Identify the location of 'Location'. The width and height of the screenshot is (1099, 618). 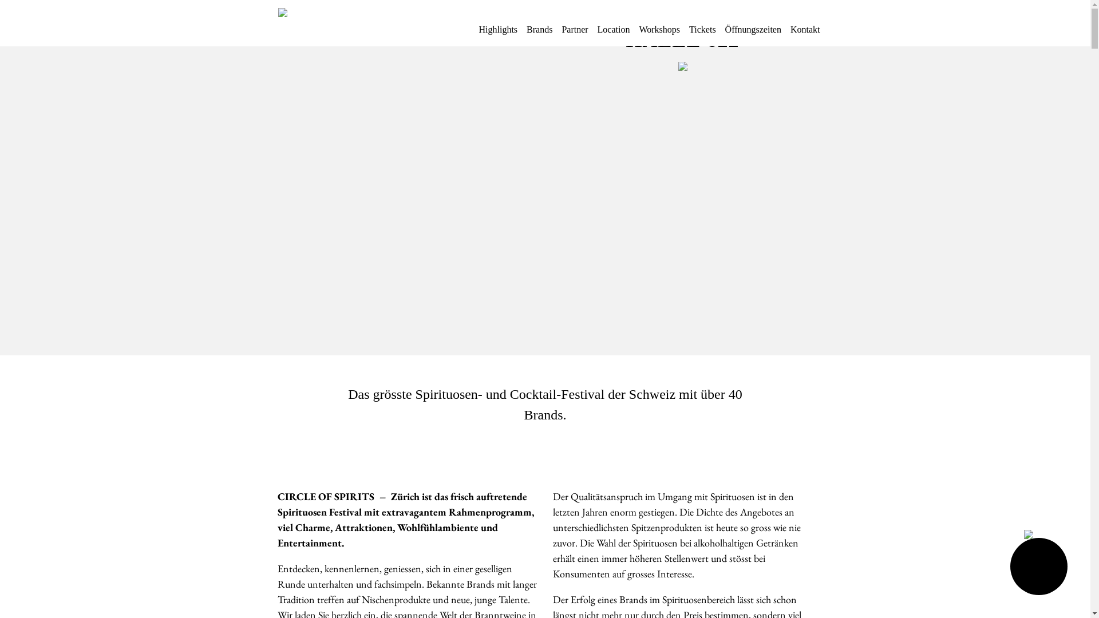
(613, 34).